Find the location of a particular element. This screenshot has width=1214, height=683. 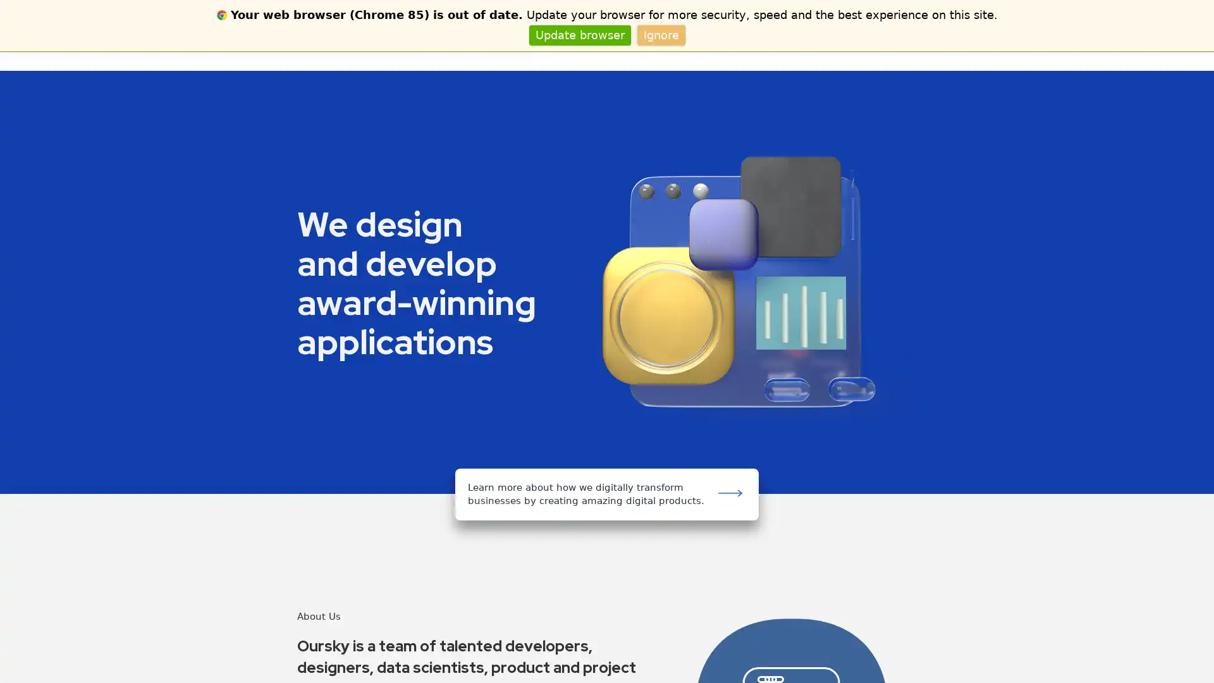

Ignore is located at coordinates (660, 34).